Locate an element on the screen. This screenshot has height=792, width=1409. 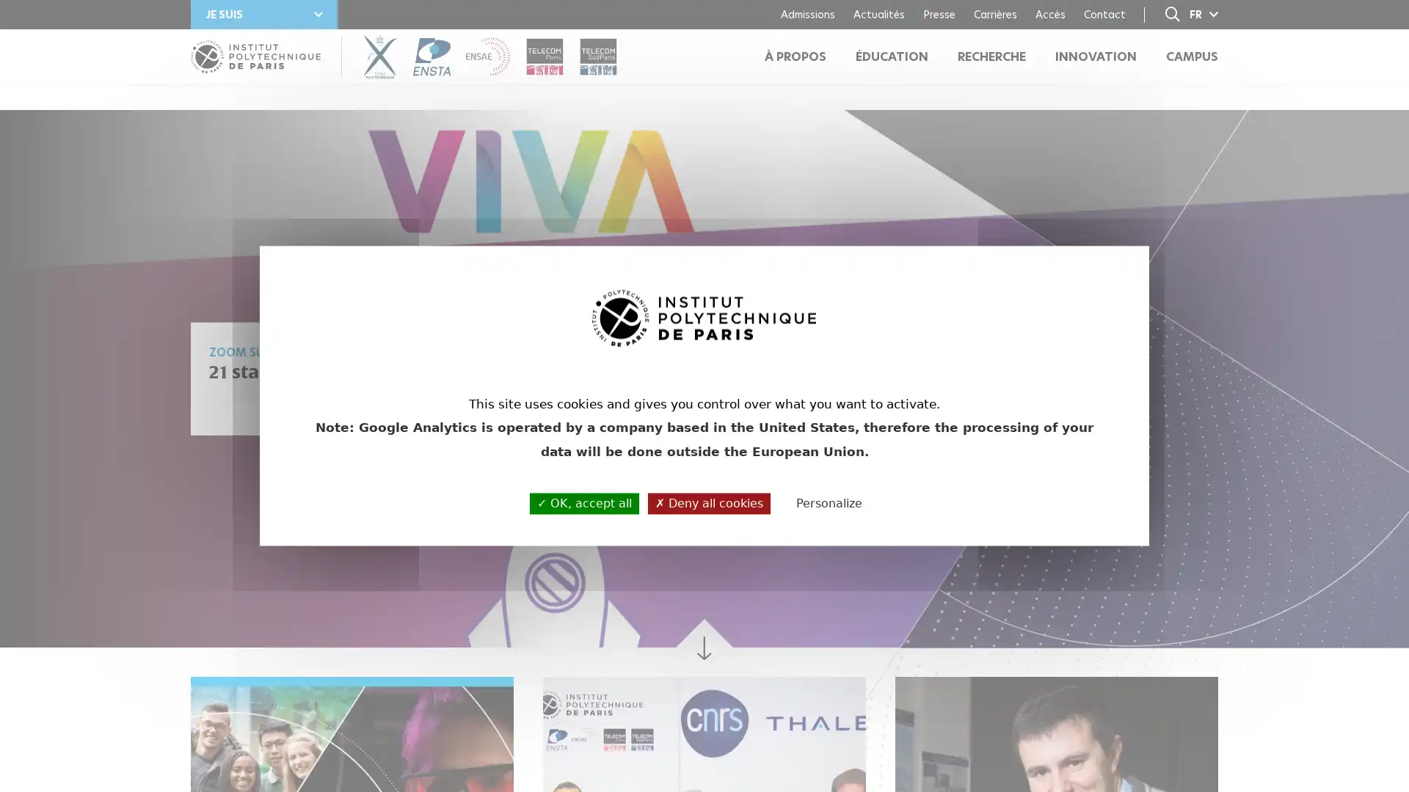
Deny all cookies is located at coordinates (709, 502).